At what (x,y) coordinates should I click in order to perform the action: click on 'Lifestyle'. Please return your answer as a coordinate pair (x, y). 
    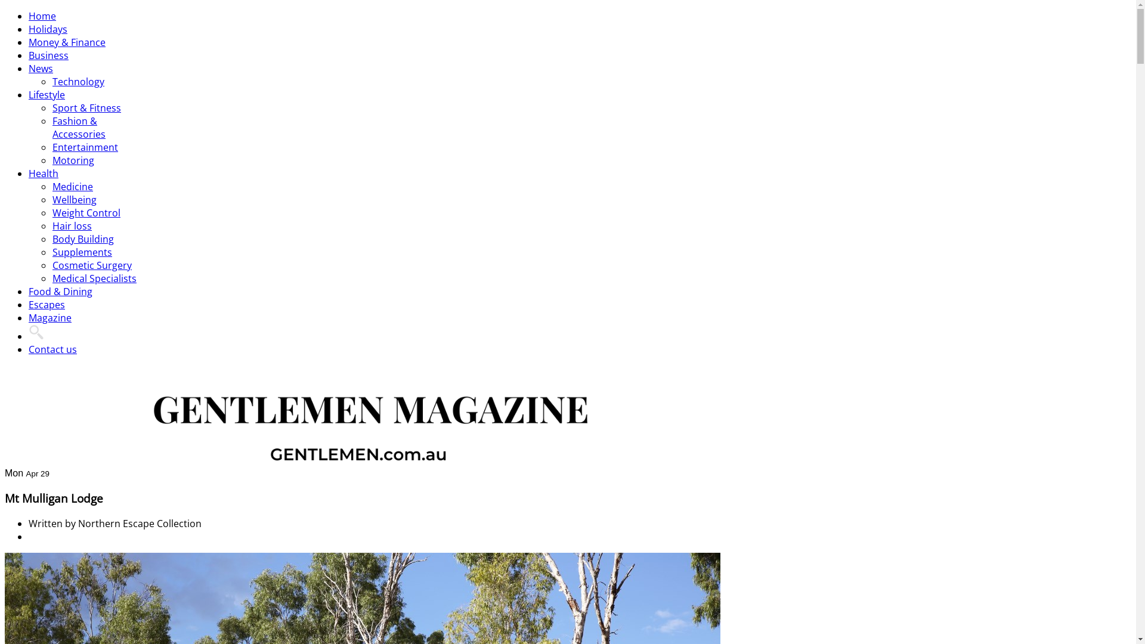
    Looking at the image, I should click on (47, 94).